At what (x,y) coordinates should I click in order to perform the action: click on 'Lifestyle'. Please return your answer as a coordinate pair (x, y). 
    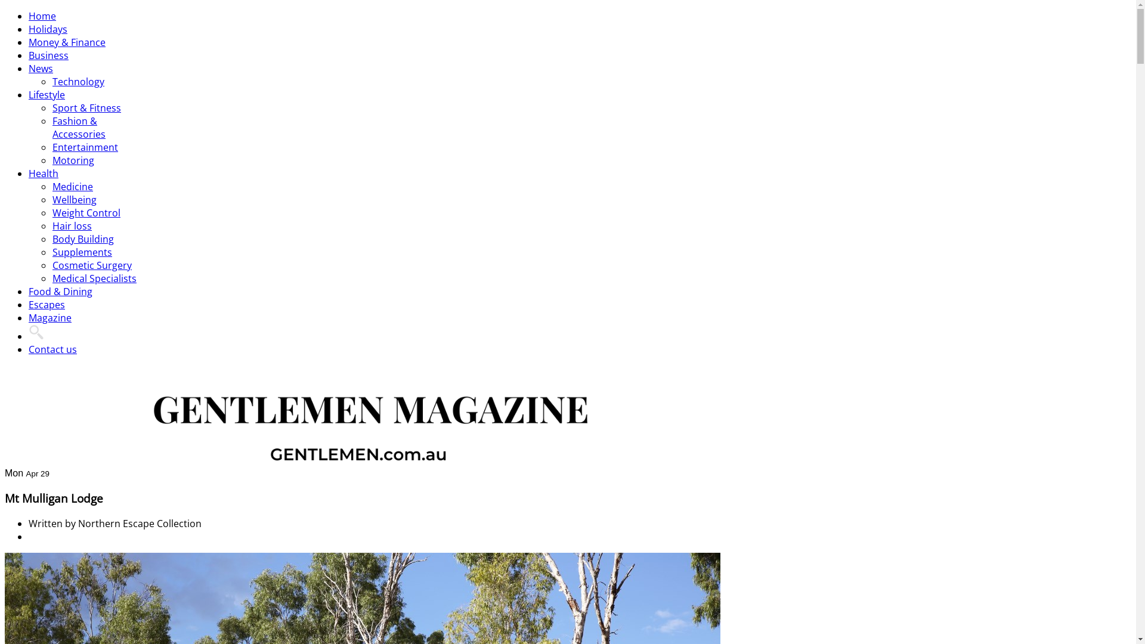
    Looking at the image, I should click on (47, 94).